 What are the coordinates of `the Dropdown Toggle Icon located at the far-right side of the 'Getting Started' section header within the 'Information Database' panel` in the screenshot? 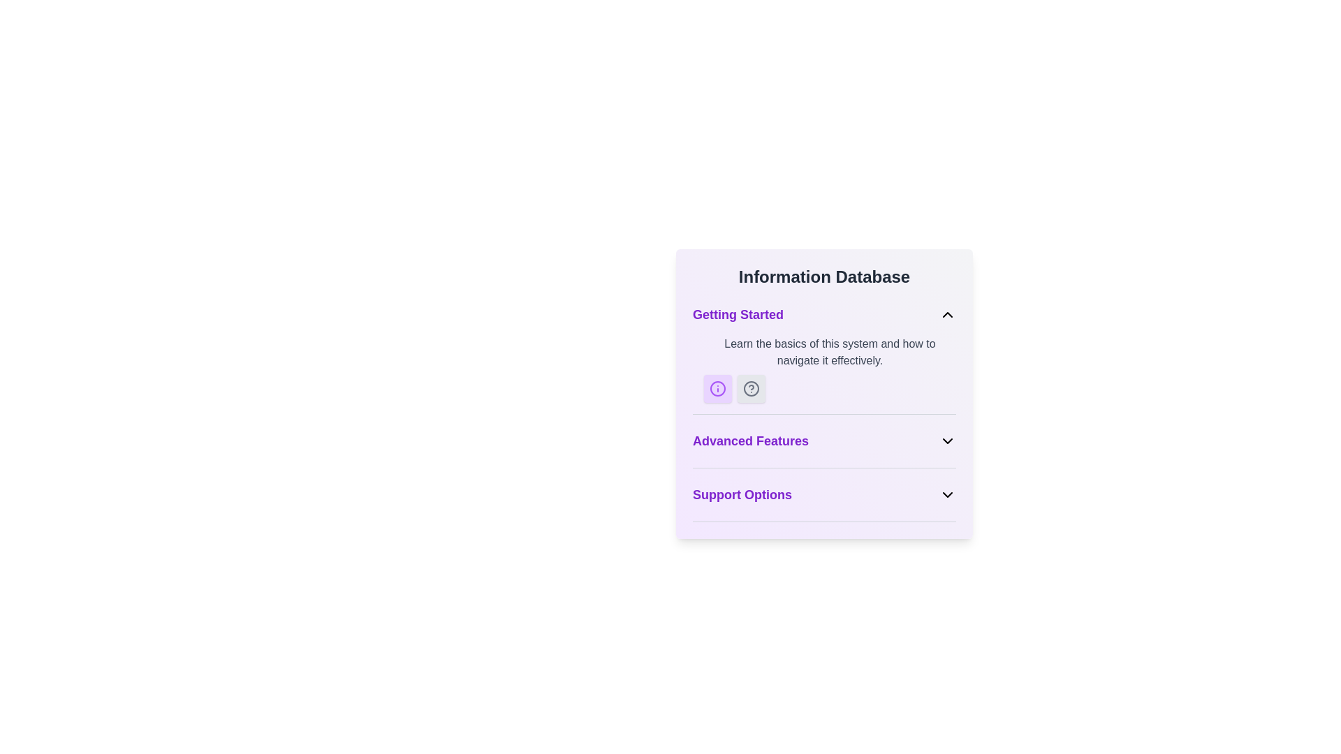 It's located at (948, 315).